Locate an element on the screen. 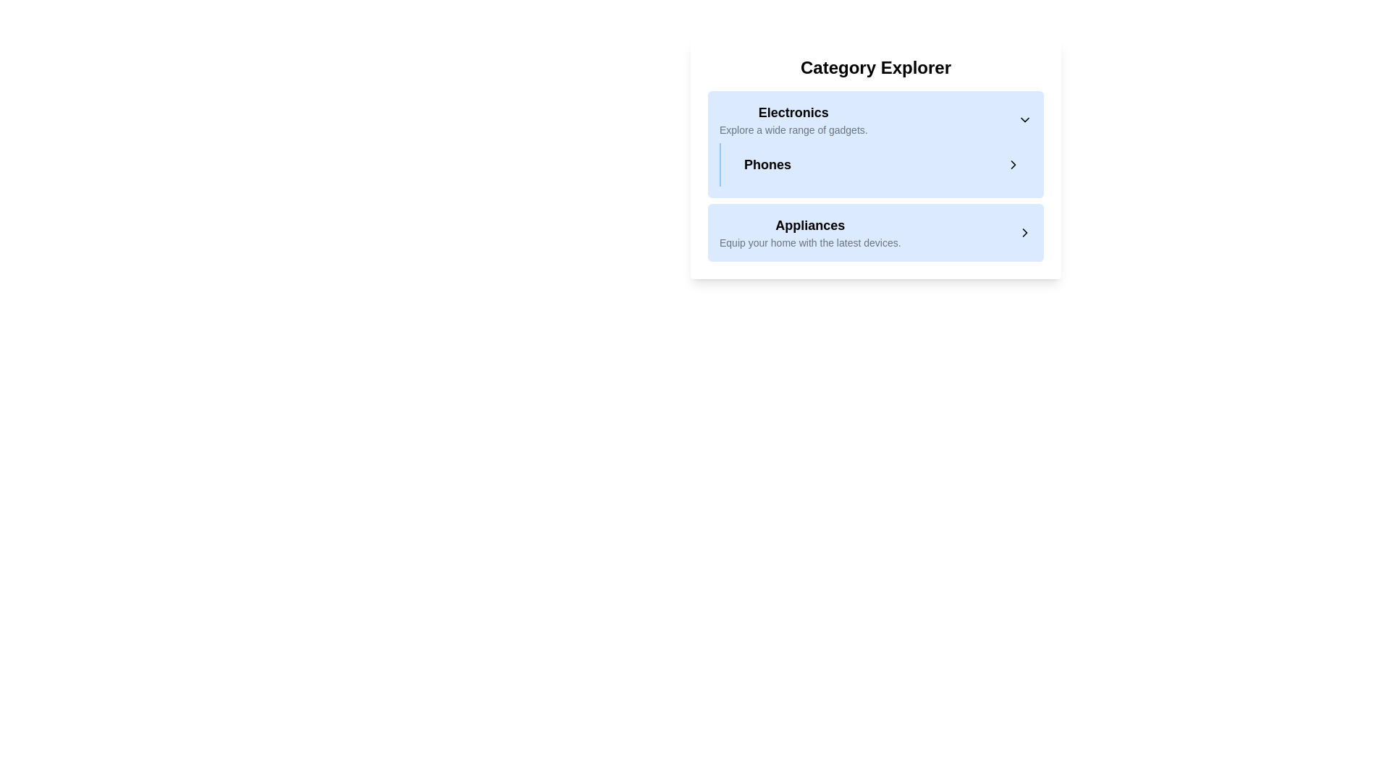 The height and width of the screenshot is (781, 1390). text from the 'Electronics' label and its description 'Explore a wide range of gadgets.' located within the light blue rectangular section under 'Category Explorer.' is located at coordinates (793, 119).